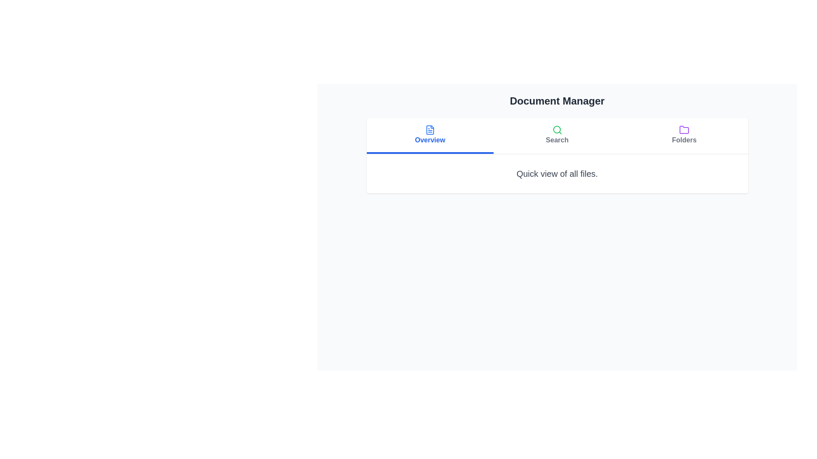  Describe the element at coordinates (557, 140) in the screenshot. I see `the text label displaying 'Search' located in the navigation grouping beneath the green search icon, positioned between 'Overview' and 'Folders'` at that location.